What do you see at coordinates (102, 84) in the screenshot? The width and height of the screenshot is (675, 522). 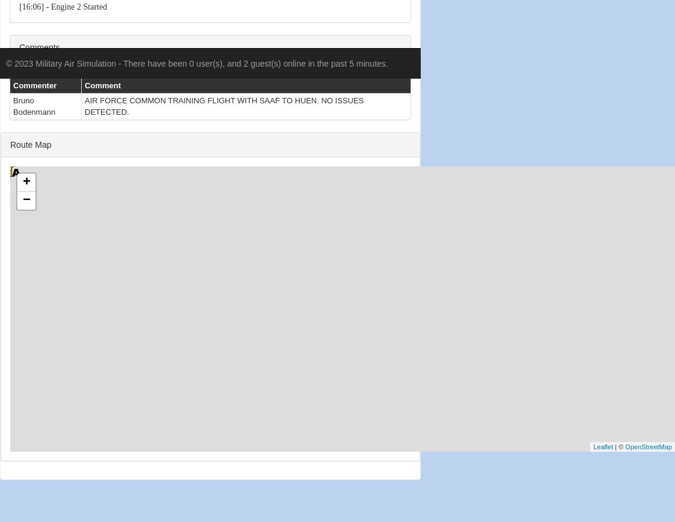 I see `'Comment'` at bounding box center [102, 84].